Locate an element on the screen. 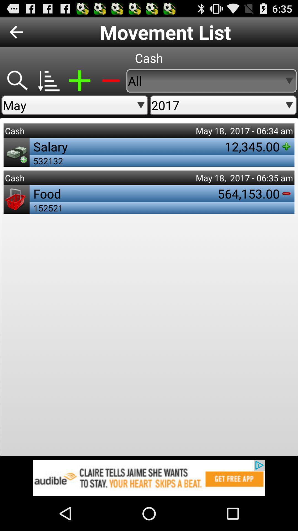 The image size is (298, 531). delete the record is located at coordinates (111, 80).